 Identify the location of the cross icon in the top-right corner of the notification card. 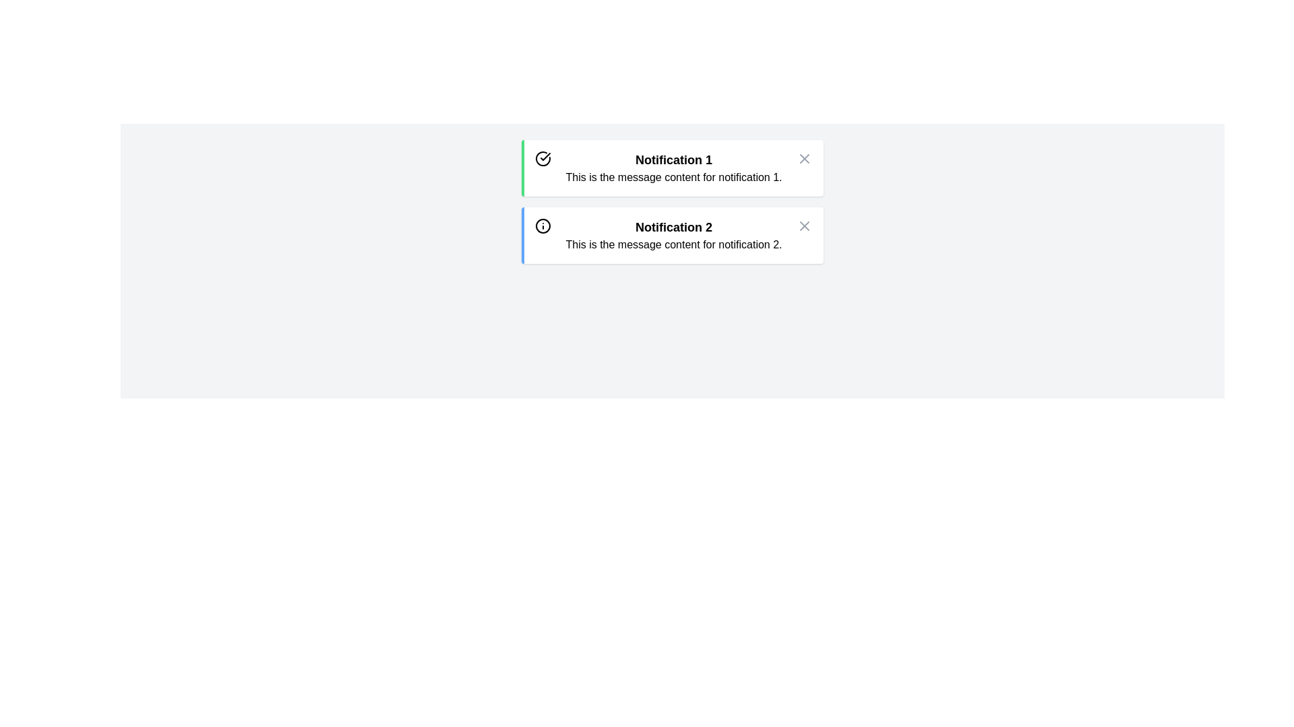
(805, 158).